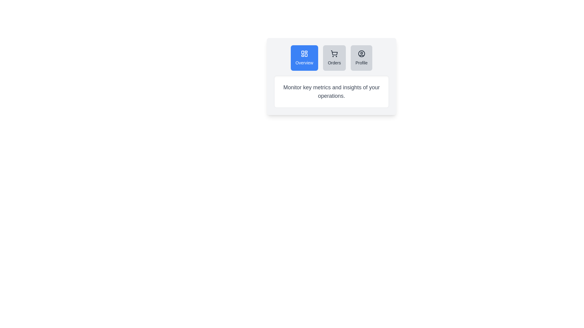  I want to click on the Profile tab, so click(361, 58).